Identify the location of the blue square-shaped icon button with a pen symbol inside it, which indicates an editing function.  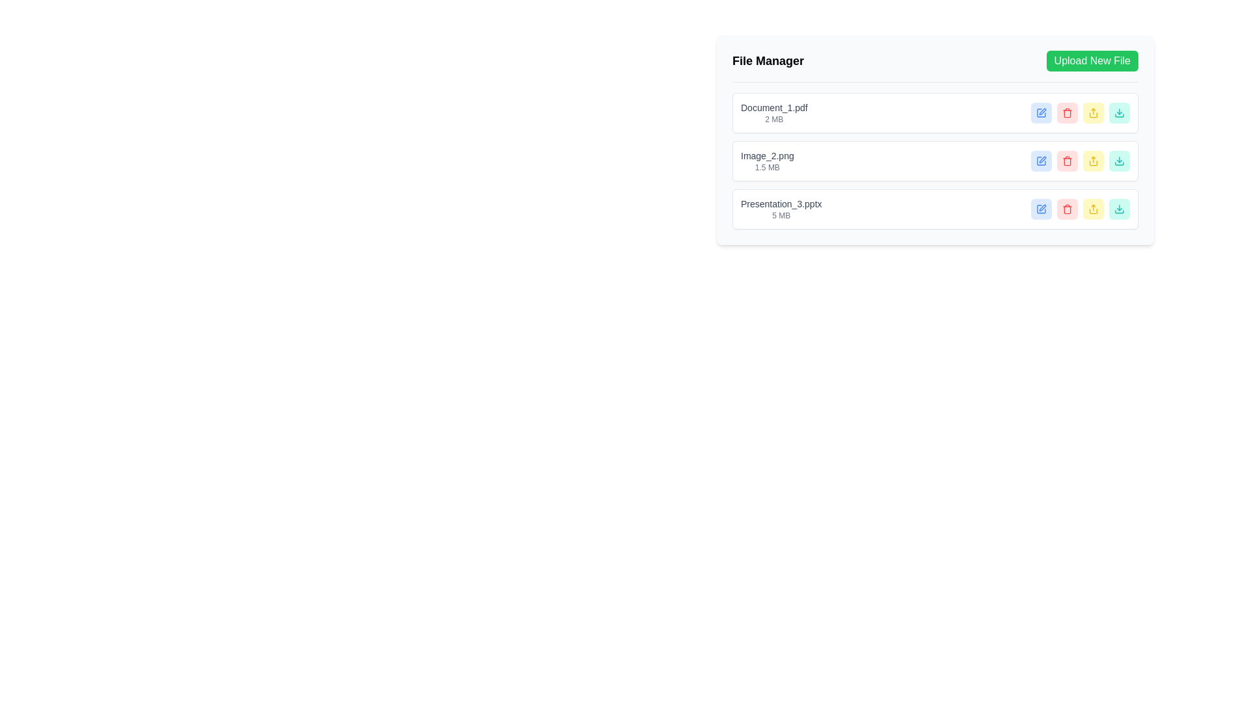
(1041, 112).